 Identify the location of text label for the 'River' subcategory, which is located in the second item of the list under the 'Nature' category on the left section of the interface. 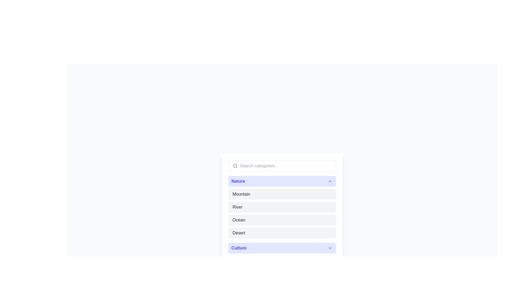
(237, 207).